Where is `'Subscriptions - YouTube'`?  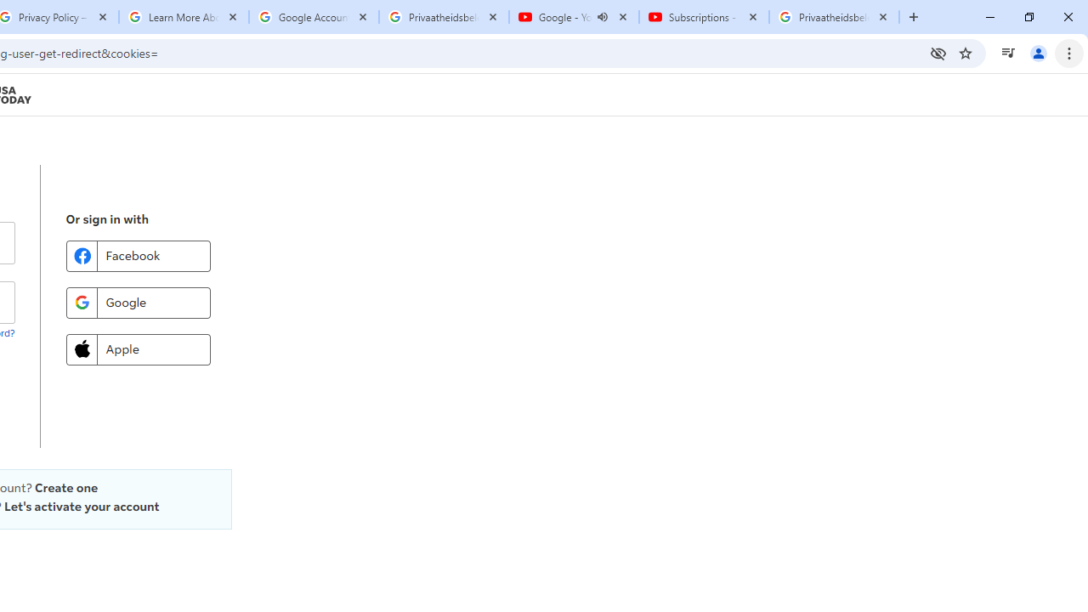 'Subscriptions - YouTube' is located at coordinates (704, 17).